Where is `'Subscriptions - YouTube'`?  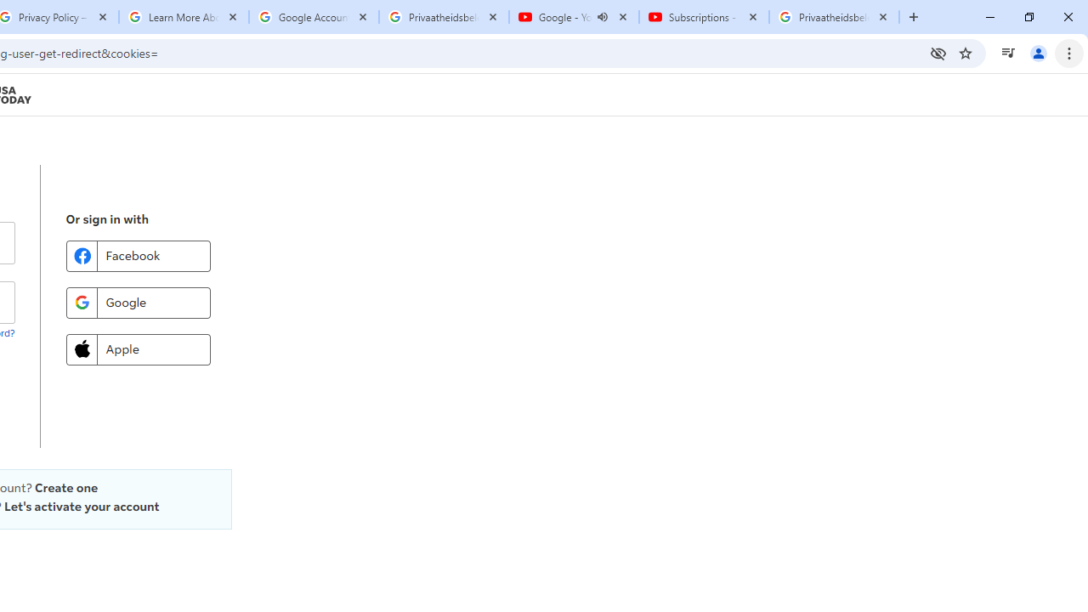 'Subscriptions - YouTube' is located at coordinates (704, 17).